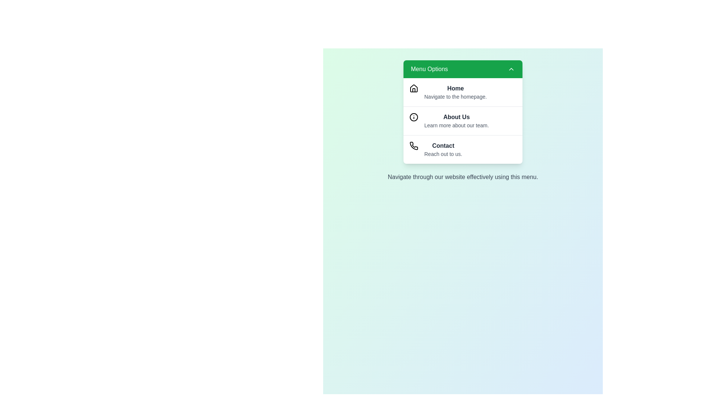 The width and height of the screenshot is (714, 402). I want to click on the descriptive text below the menu, so click(462, 177).